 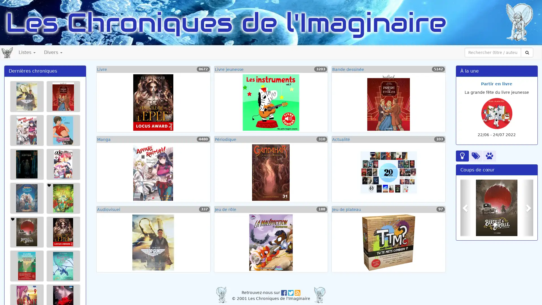 What do you see at coordinates (27, 52) in the screenshot?
I see `Listes` at bounding box center [27, 52].